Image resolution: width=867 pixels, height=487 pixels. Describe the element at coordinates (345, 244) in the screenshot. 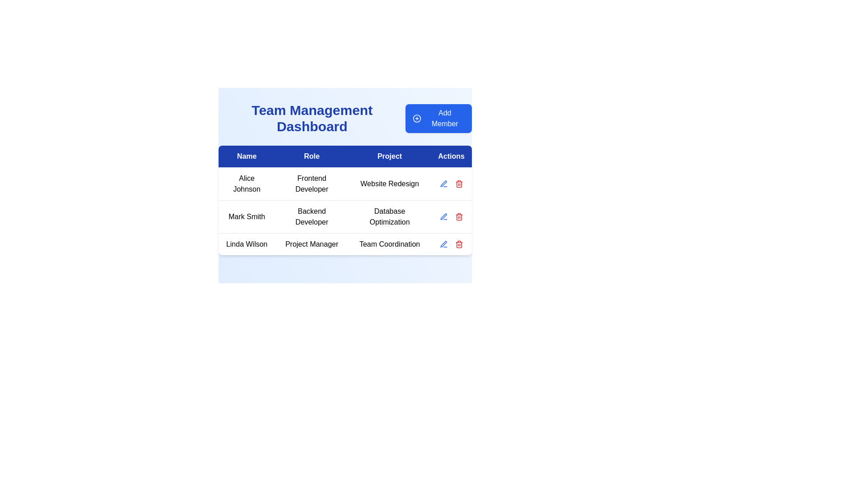

I see `the last row of the team management table that contains information about a team member and action icons` at that location.